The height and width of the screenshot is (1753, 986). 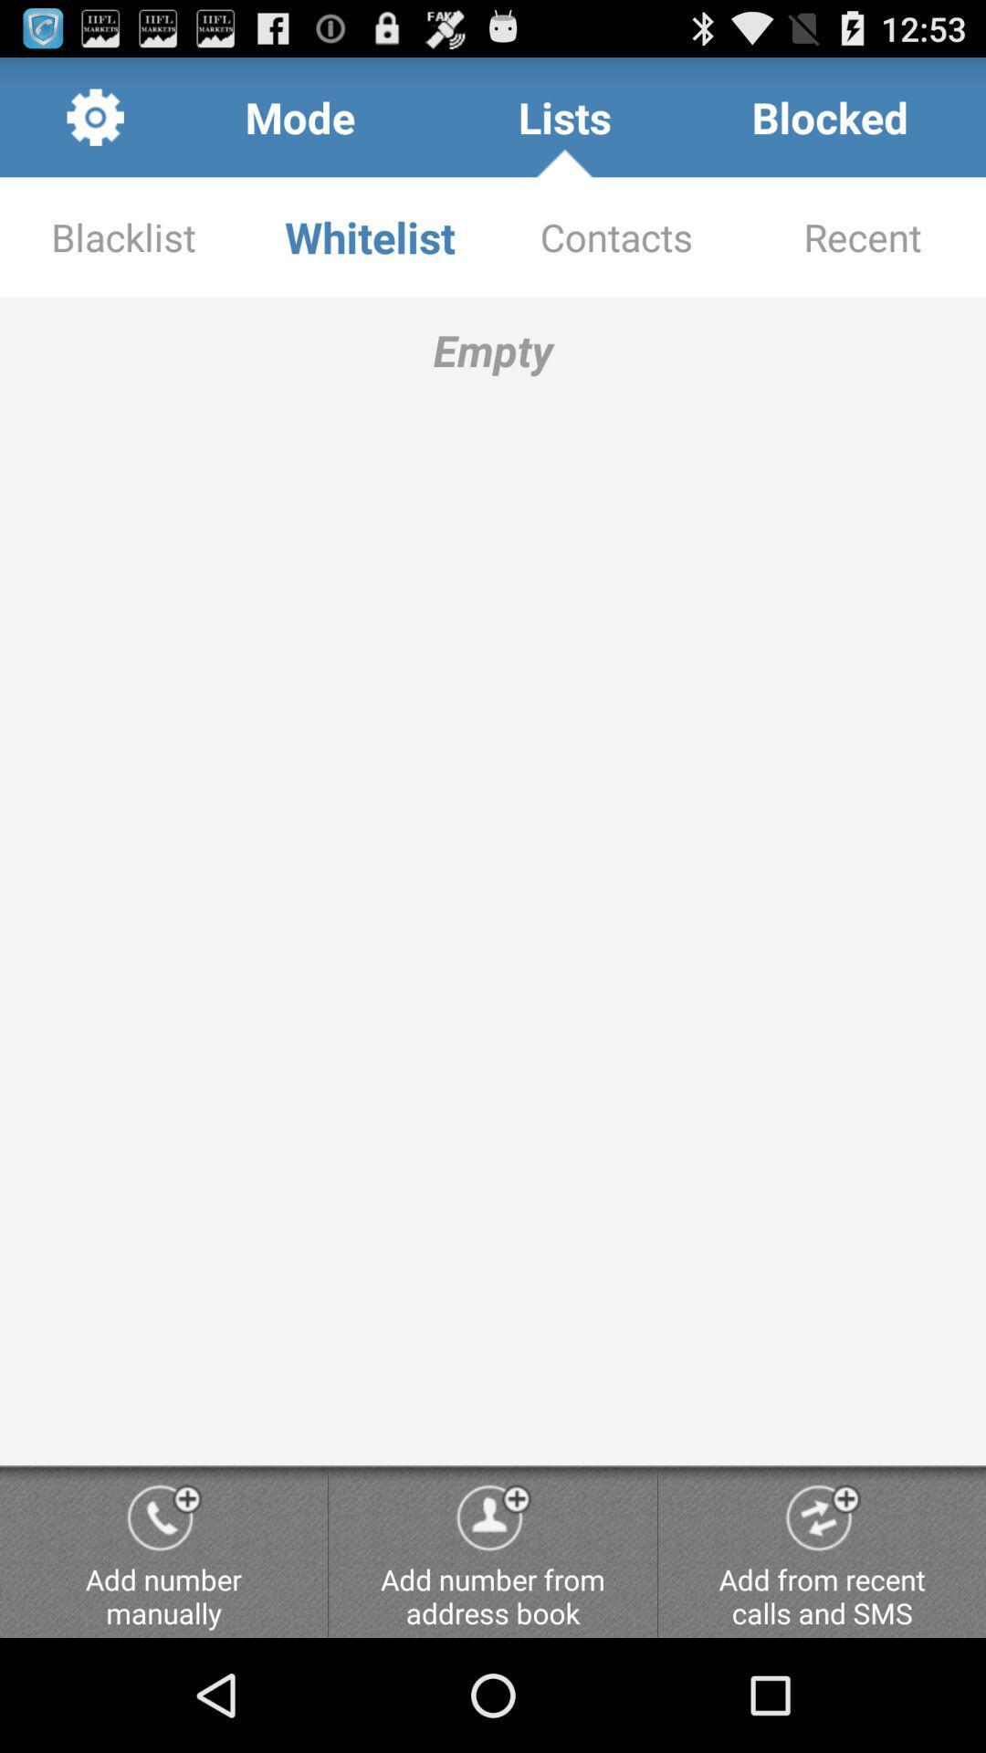 What do you see at coordinates (616, 236) in the screenshot?
I see `contacts item` at bounding box center [616, 236].